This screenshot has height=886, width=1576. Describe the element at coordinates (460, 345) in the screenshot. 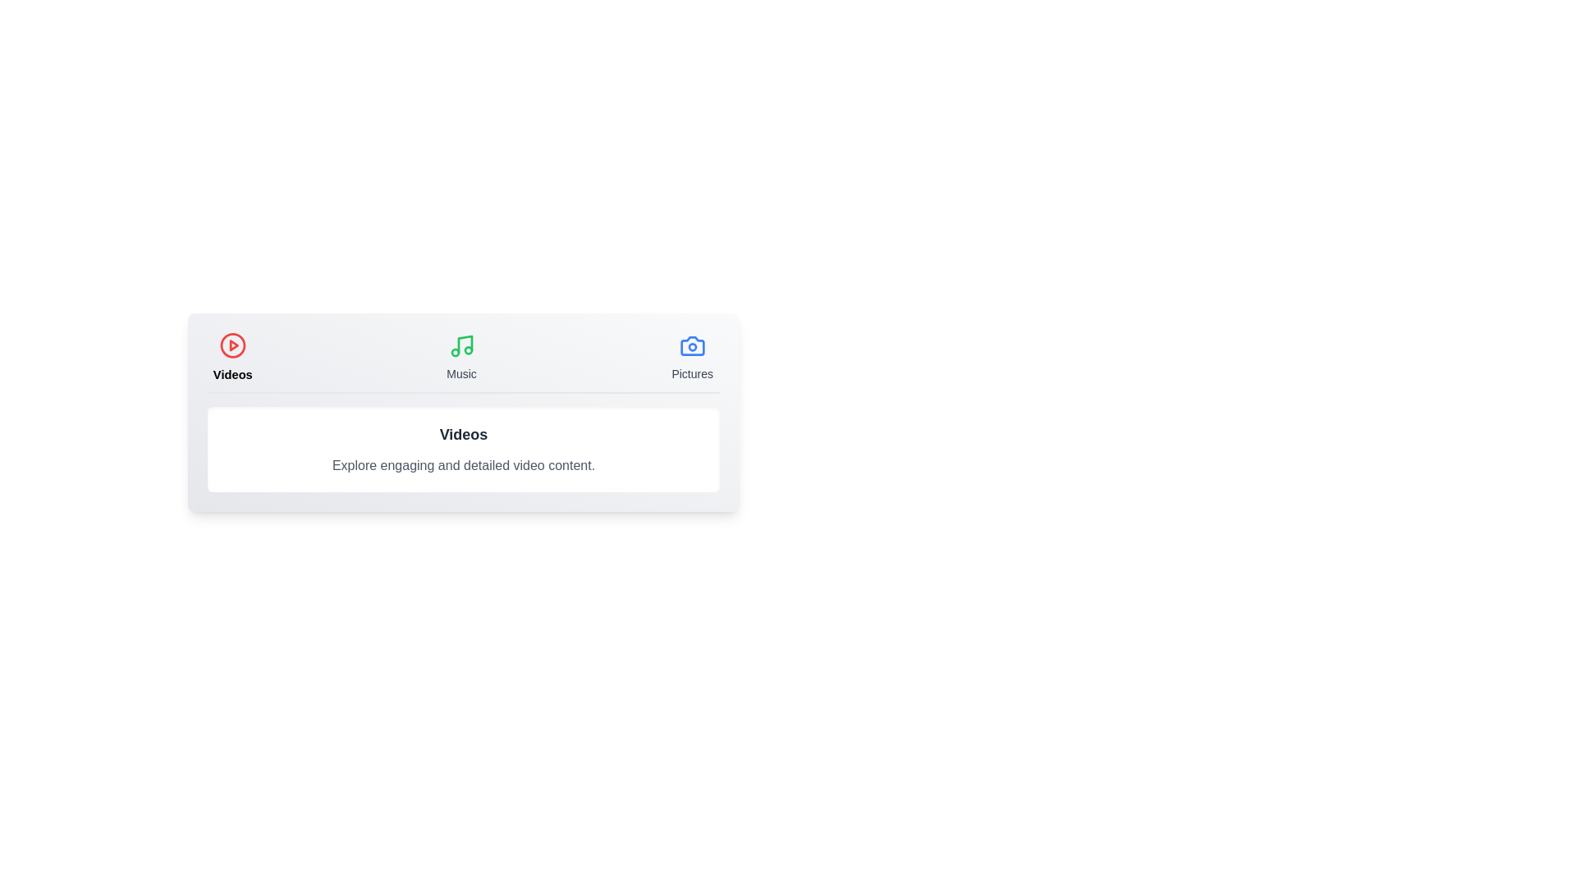

I see `the icon of the Music tab to activate it` at that location.